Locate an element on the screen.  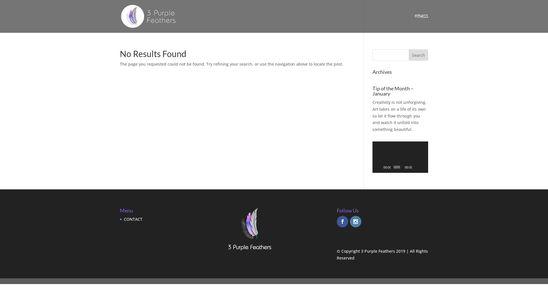
'FITNESS' is located at coordinates (421, 23).